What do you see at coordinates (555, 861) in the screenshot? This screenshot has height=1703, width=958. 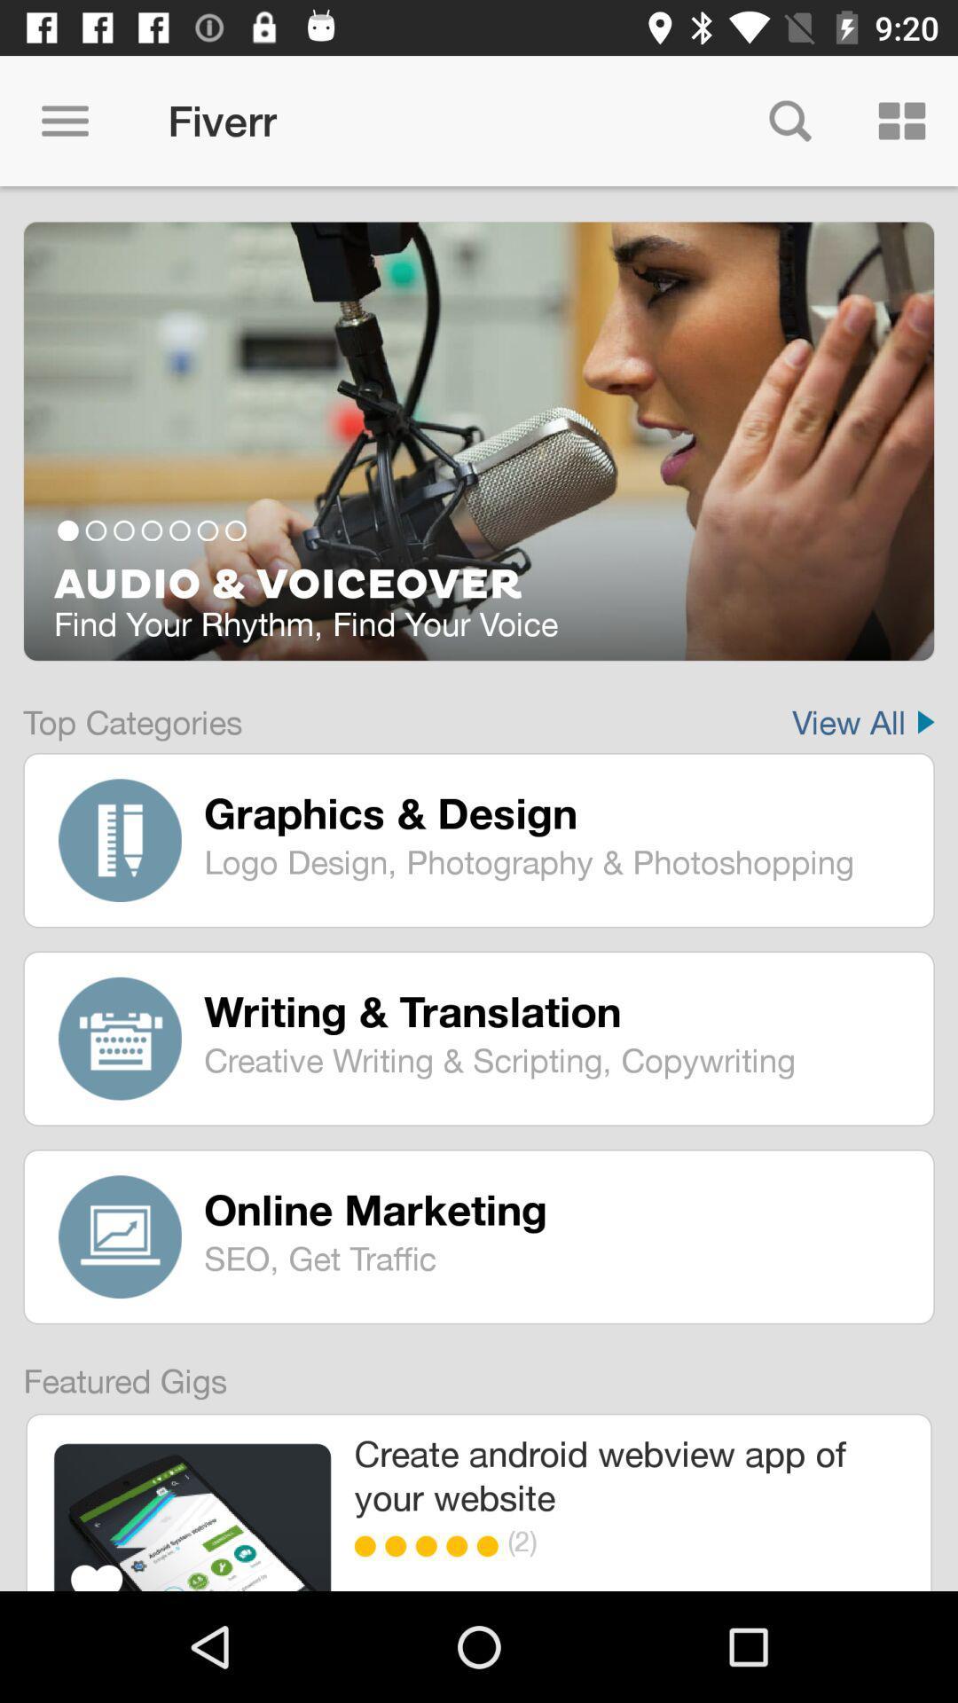 I see `the logo design photography item` at bounding box center [555, 861].